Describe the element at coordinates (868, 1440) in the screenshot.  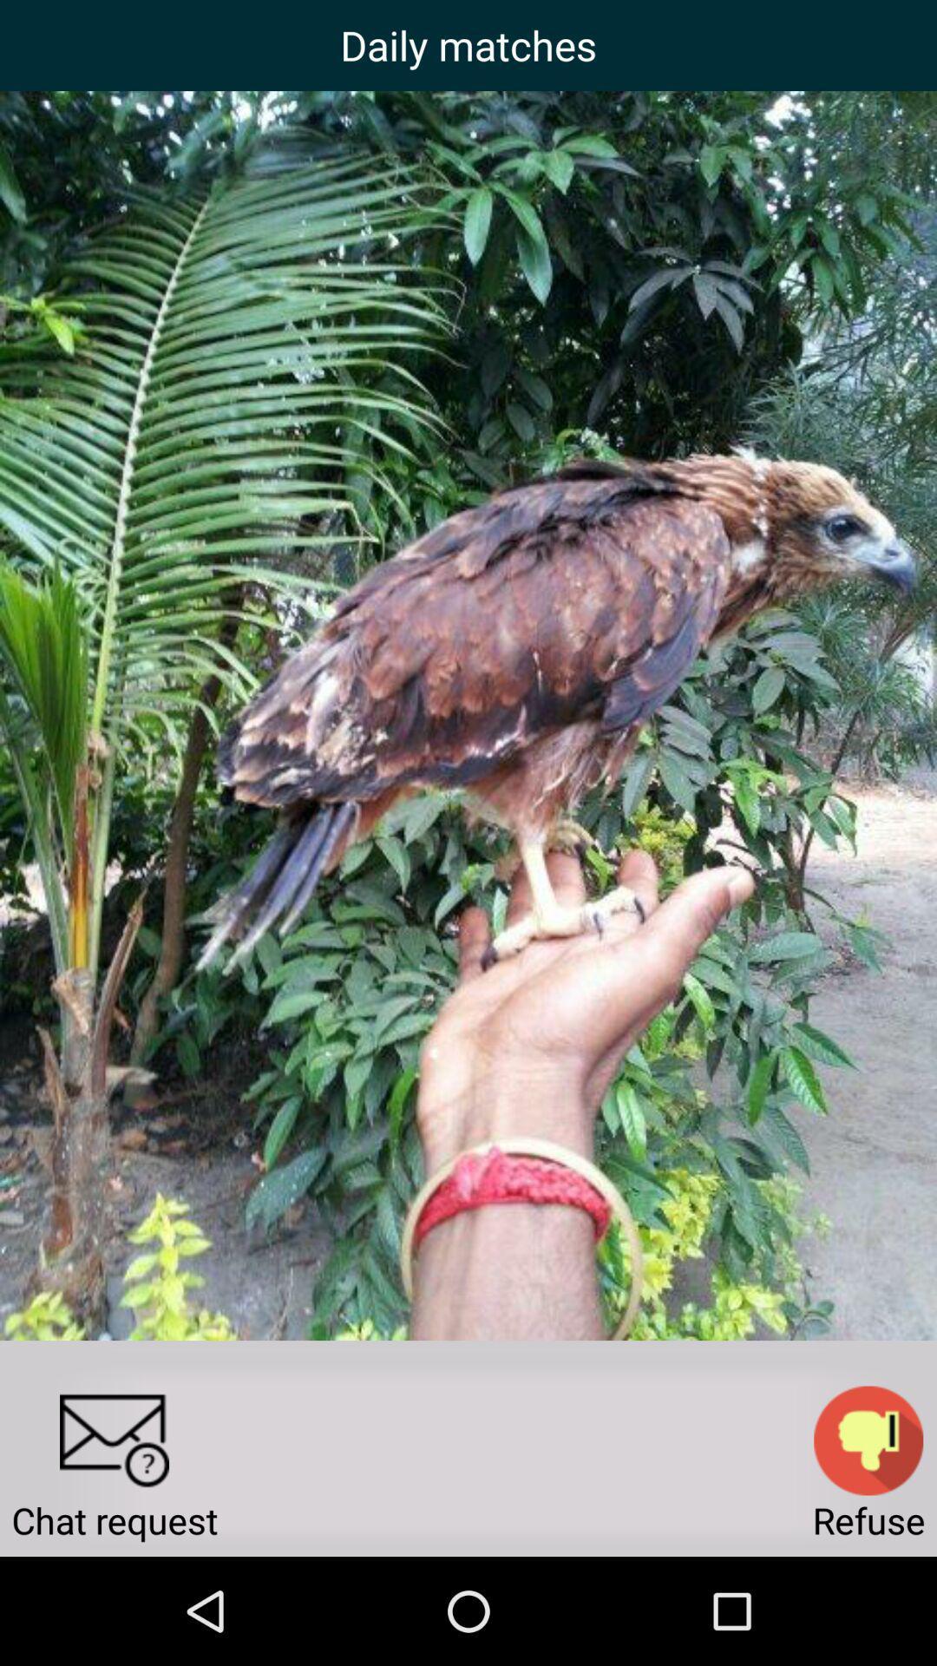
I see `thumbs down` at that location.